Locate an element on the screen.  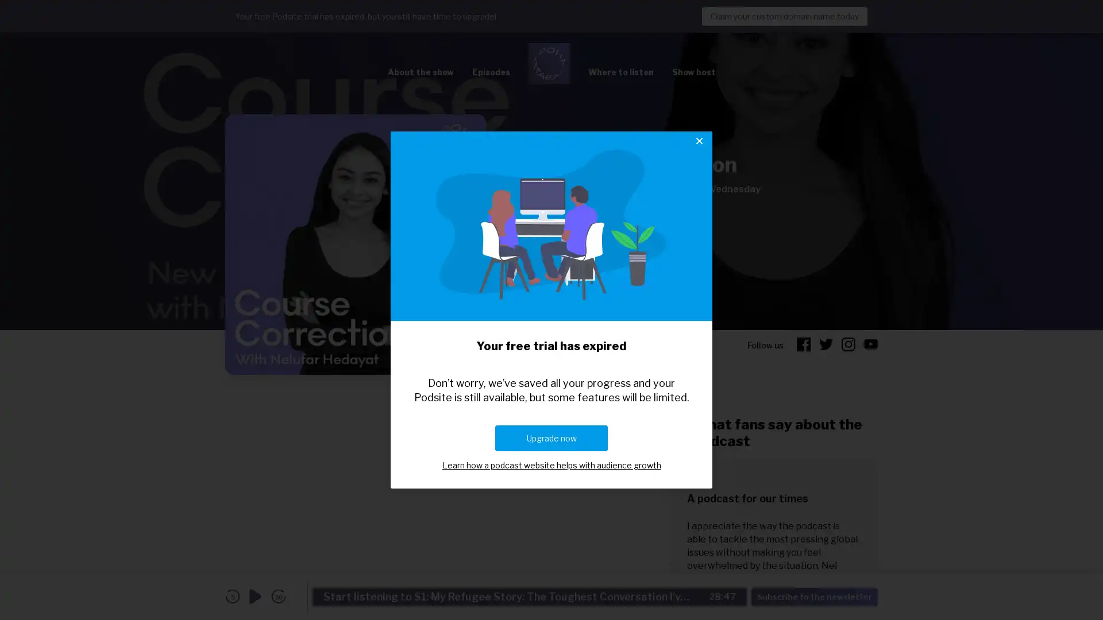
play audio is located at coordinates (255, 596).